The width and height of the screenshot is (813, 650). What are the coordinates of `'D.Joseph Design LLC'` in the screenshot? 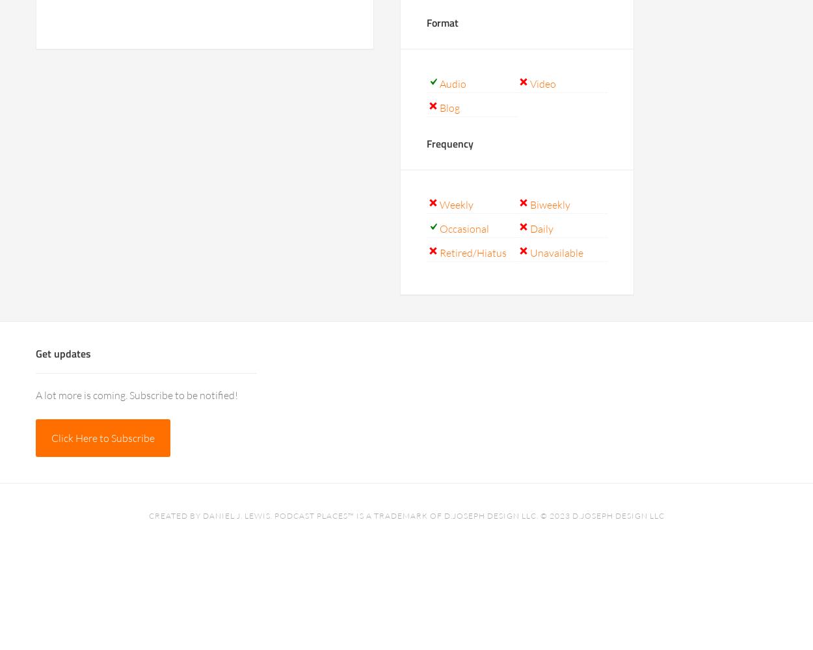 It's located at (617, 515).